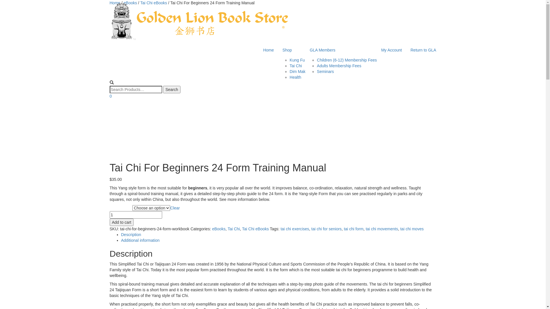  Describe the element at coordinates (296, 66) in the screenshot. I see `'Tai Chi'` at that location.